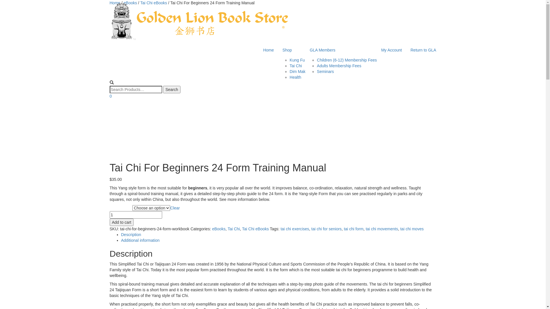  Describe the element at coordinates (296, 66) in the screenshot. I see `'Tai Chi'` at that location.